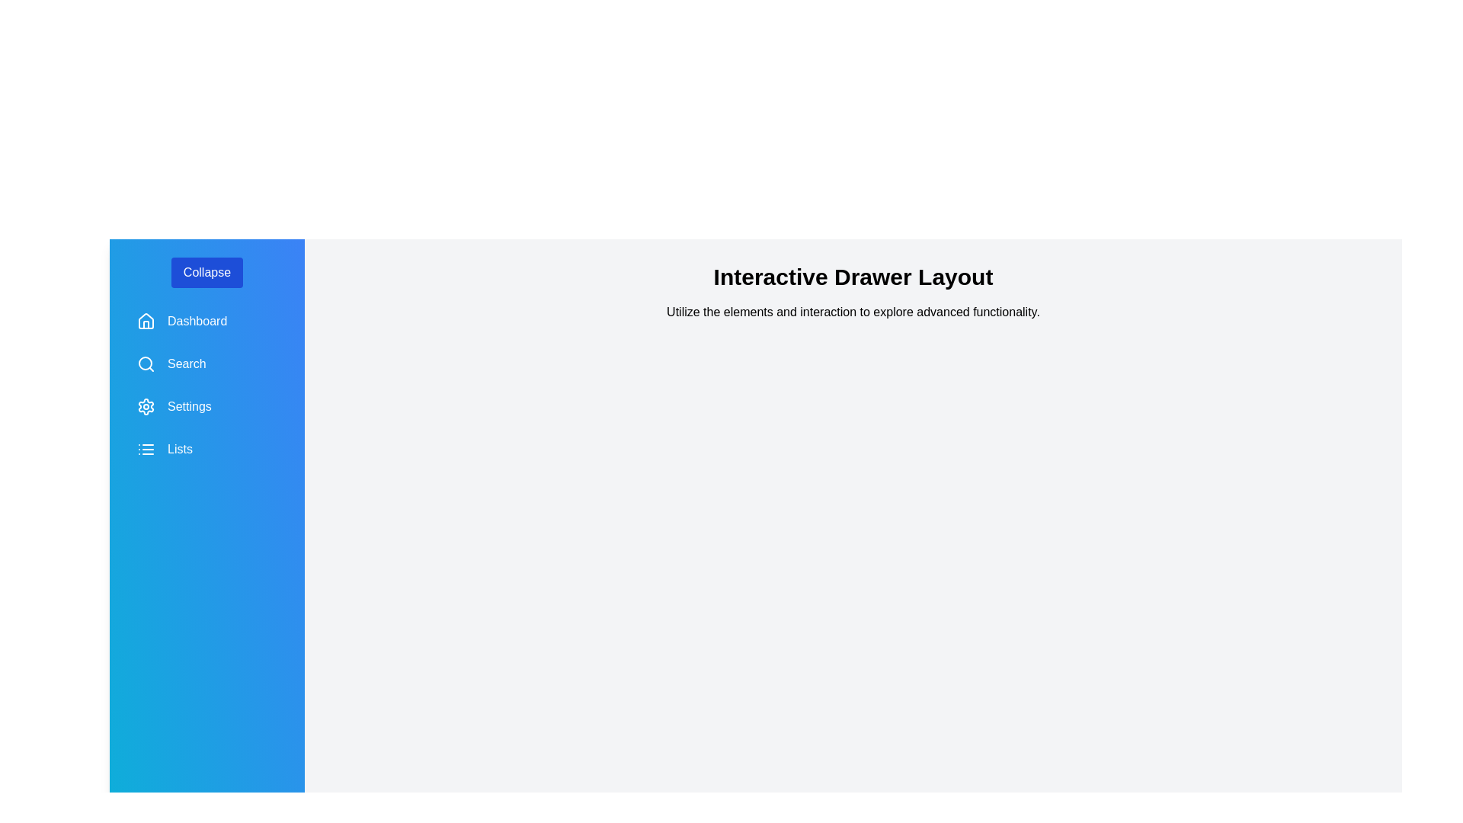 This screenshot has width=1463, height=823. Describe the element at coordinates (206, 405) in the screenshot. I see `the menu item labeled Settings to navigate to its respective section` at that location.